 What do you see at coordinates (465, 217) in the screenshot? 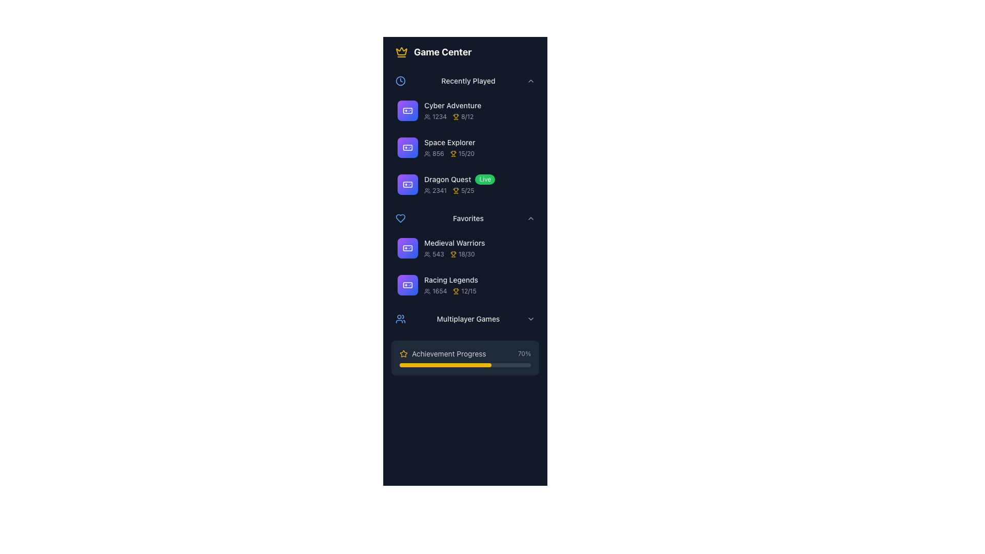
I see `the collapsible button located under the 'Favorites' section` at bounding box center [465, 217].